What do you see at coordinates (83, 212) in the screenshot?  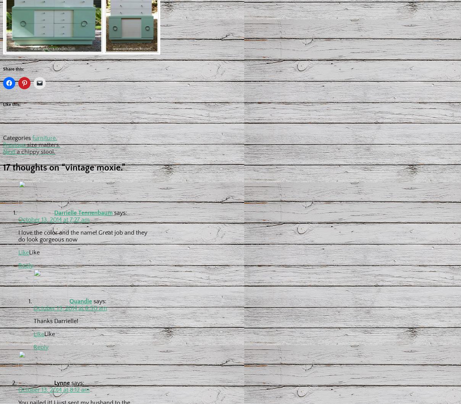 I see `'Darrielle Tennenbaum'` at bounding box center [83, 212].